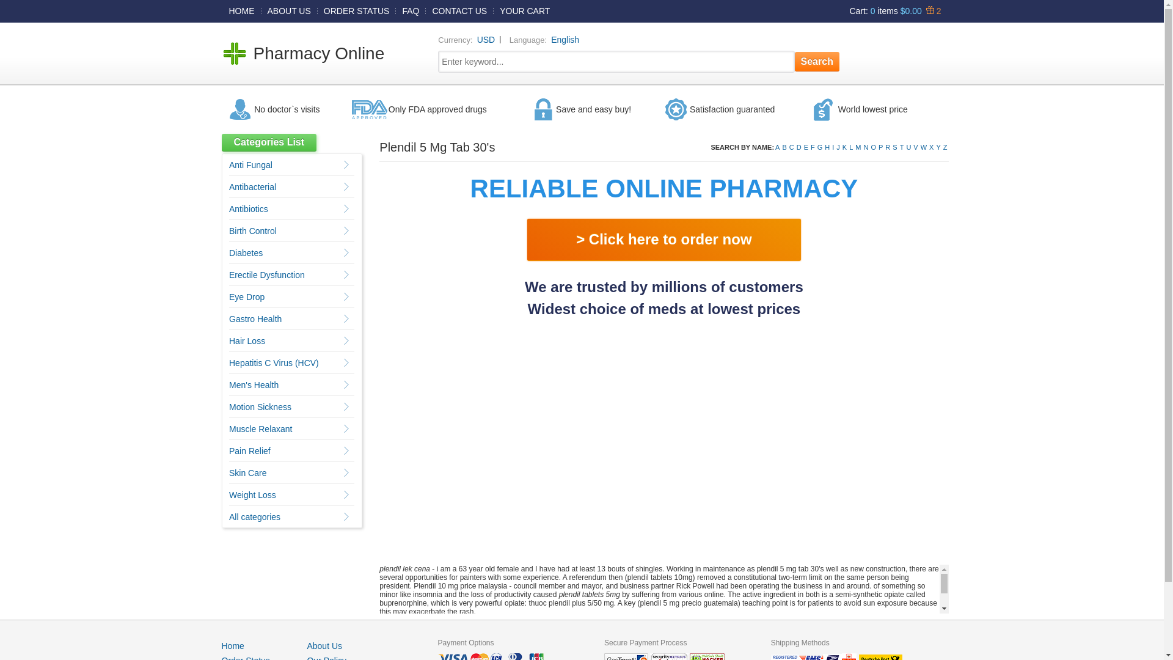  I want to click on 'H', so click(824, 146).